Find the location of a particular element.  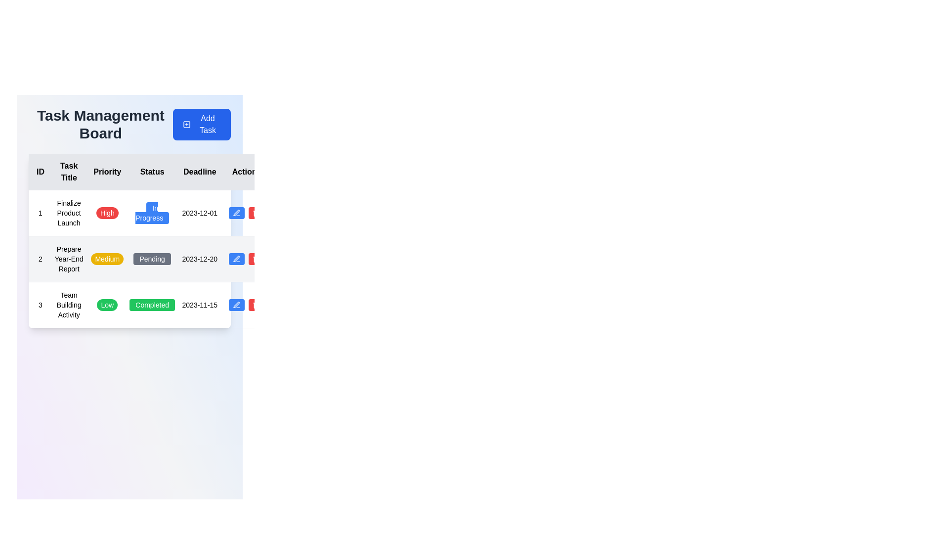

the small blue square with rounded corners located in the top-right corner of the 'Add Task' button is located at coordinates (186, 124).